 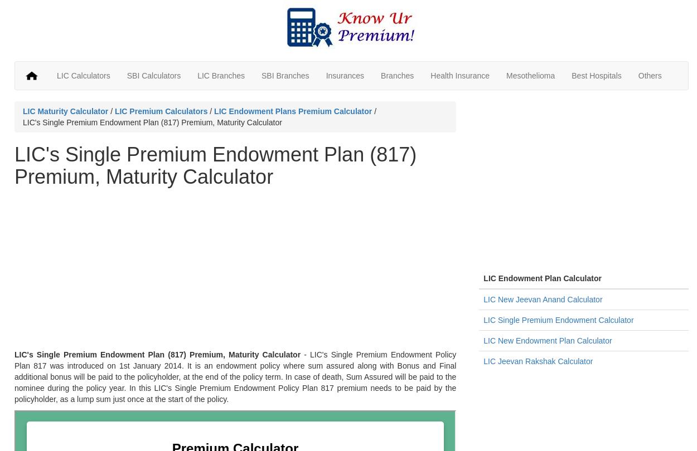 I want to click on 'LIC Maturity Calculator', so click(x=65, y=111).